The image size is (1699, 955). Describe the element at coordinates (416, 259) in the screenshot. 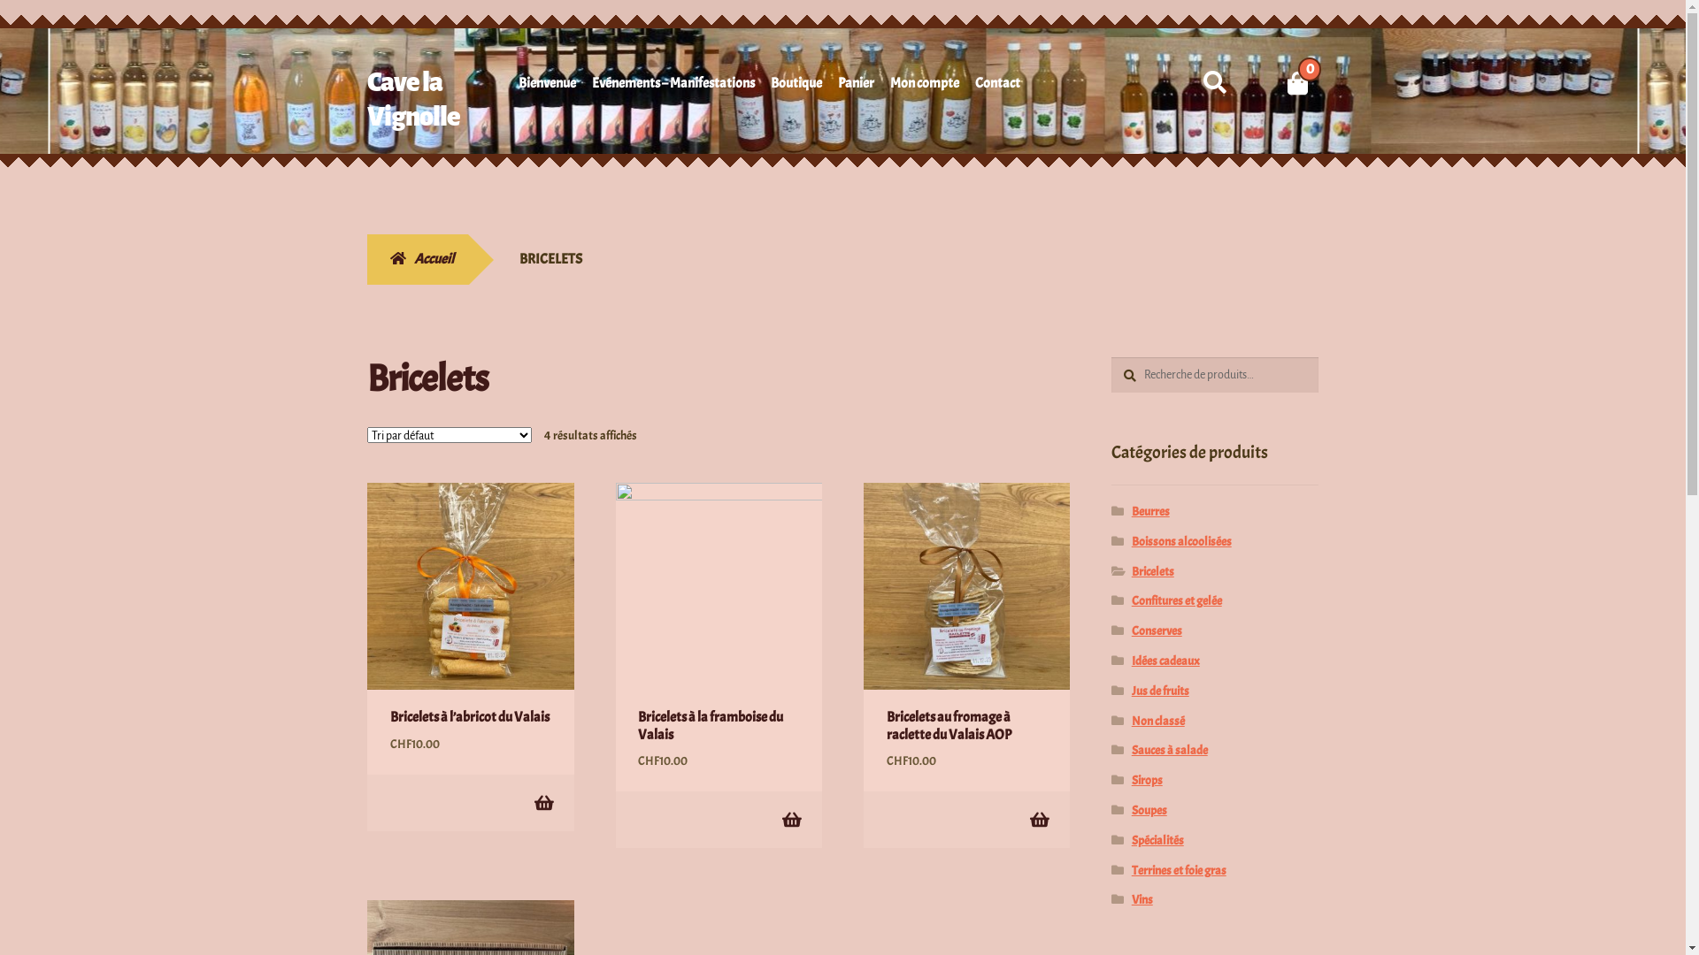

I see `'Accueil'` at that location.